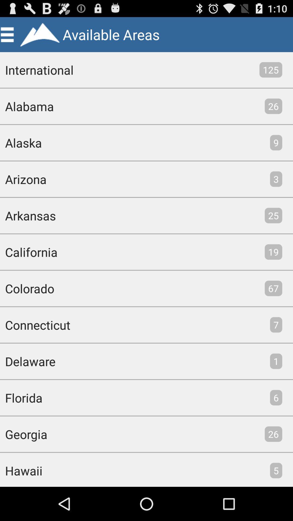  I want to click on icon to the right of florida item, so click(276, 398).